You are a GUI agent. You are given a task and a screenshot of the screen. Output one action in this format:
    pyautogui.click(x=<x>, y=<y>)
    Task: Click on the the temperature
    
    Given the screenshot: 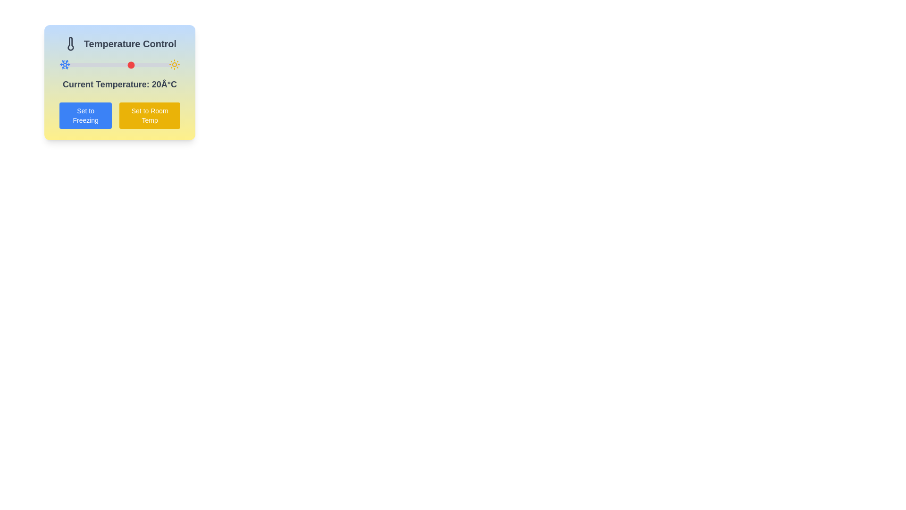 What is the action you would take?
    pyautogui.click(x=84, y=65)
    